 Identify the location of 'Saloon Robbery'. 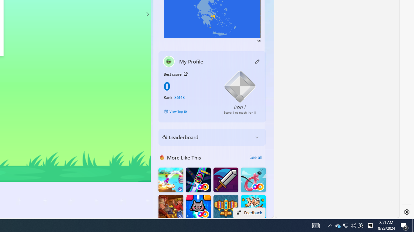
(171, 207).